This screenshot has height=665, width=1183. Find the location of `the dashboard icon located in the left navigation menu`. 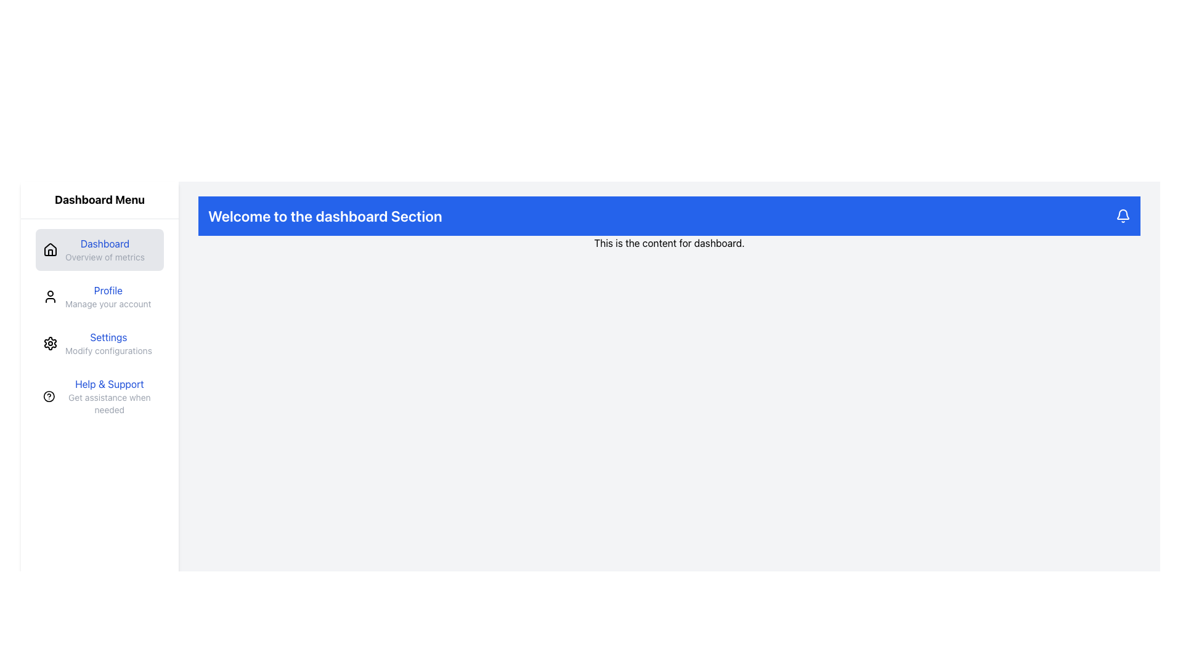

the dashboard icon located in the left navigation menu is located at coordinates (49, 249).